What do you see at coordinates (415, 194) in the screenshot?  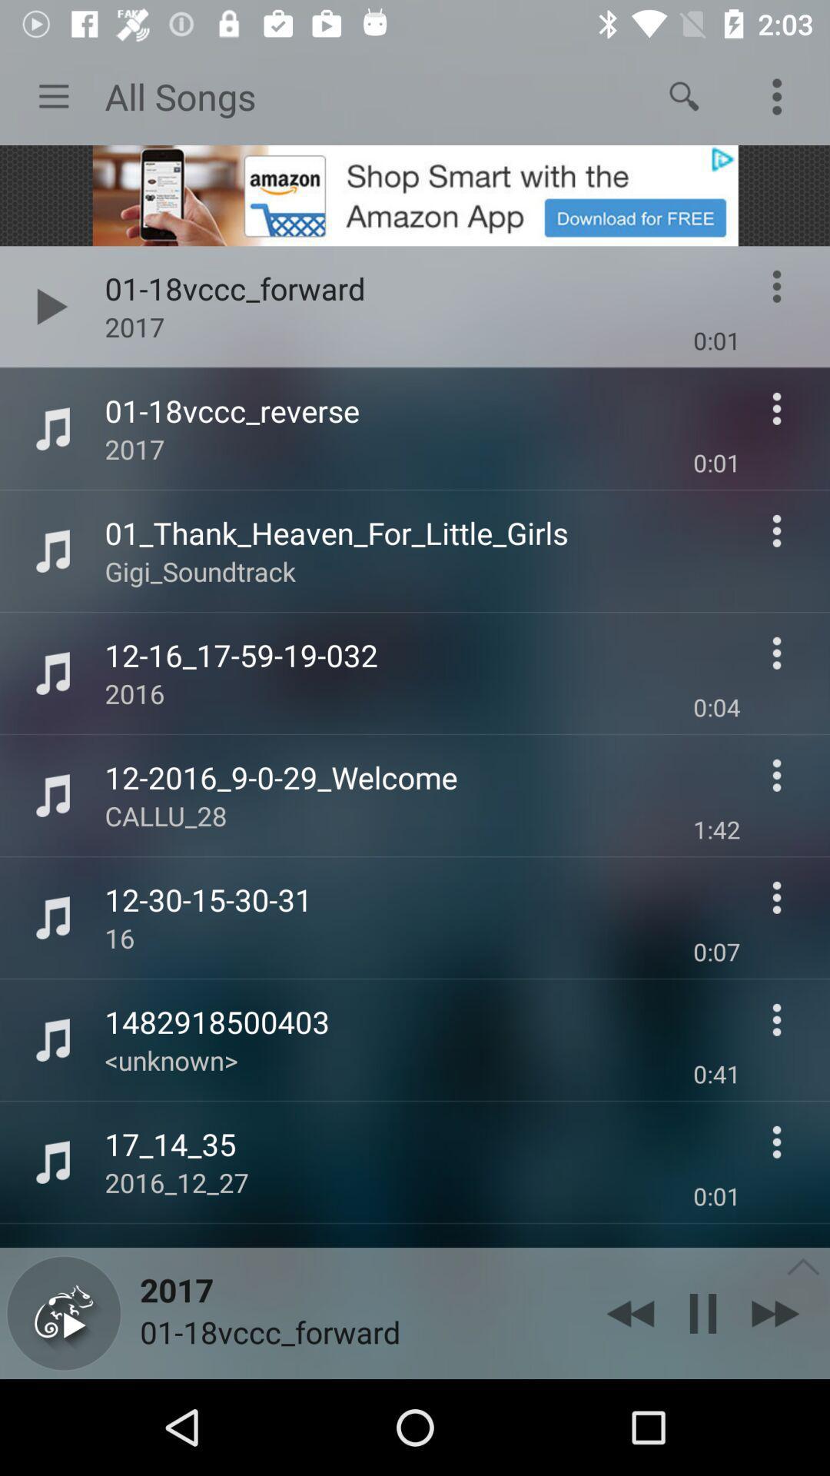 I see `follow the banner` at bounding box center [415, 194].